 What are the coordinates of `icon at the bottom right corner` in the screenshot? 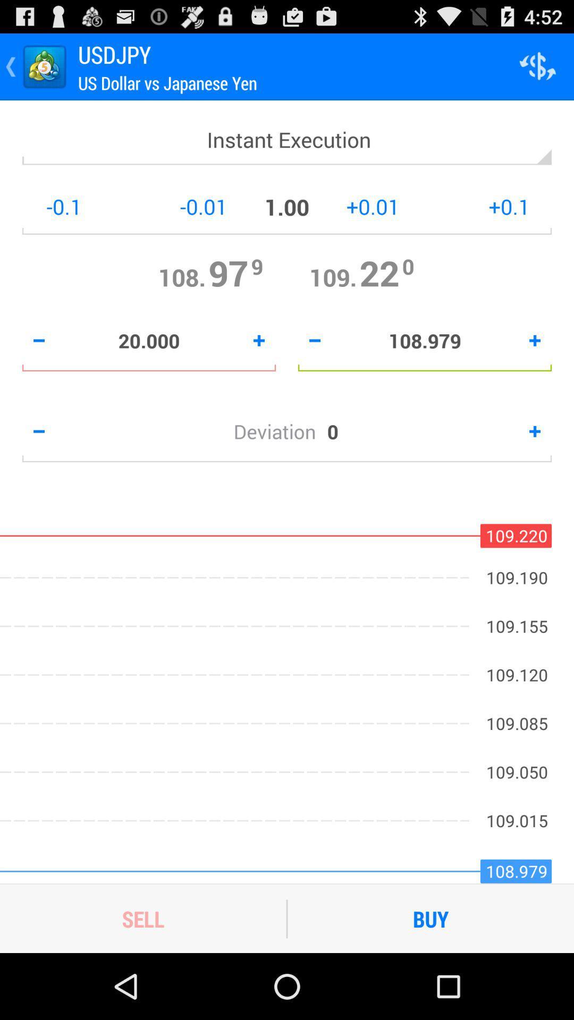 It's located at (430, 918).